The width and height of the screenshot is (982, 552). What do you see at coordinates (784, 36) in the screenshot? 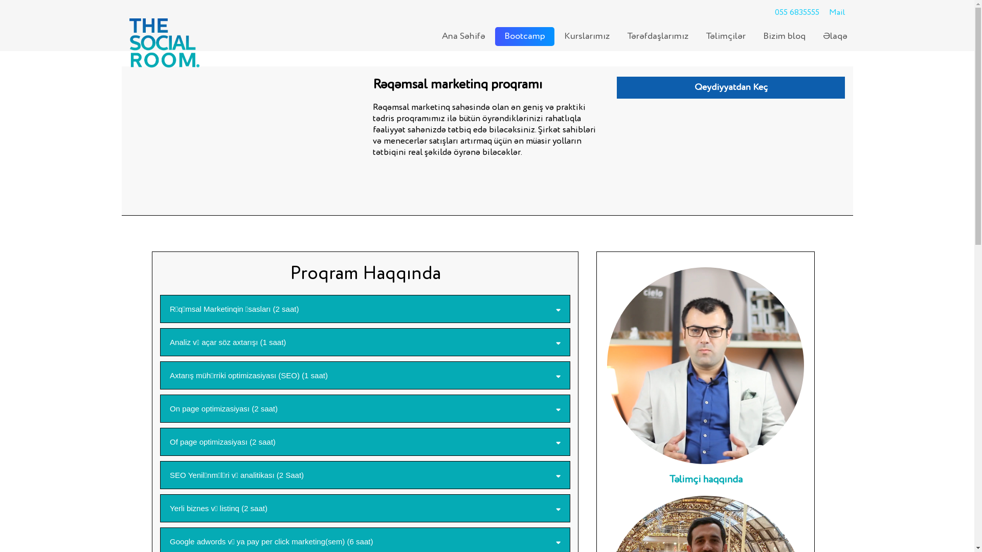
I see `'Bizim bloq'` at bounding box center [784, 36].